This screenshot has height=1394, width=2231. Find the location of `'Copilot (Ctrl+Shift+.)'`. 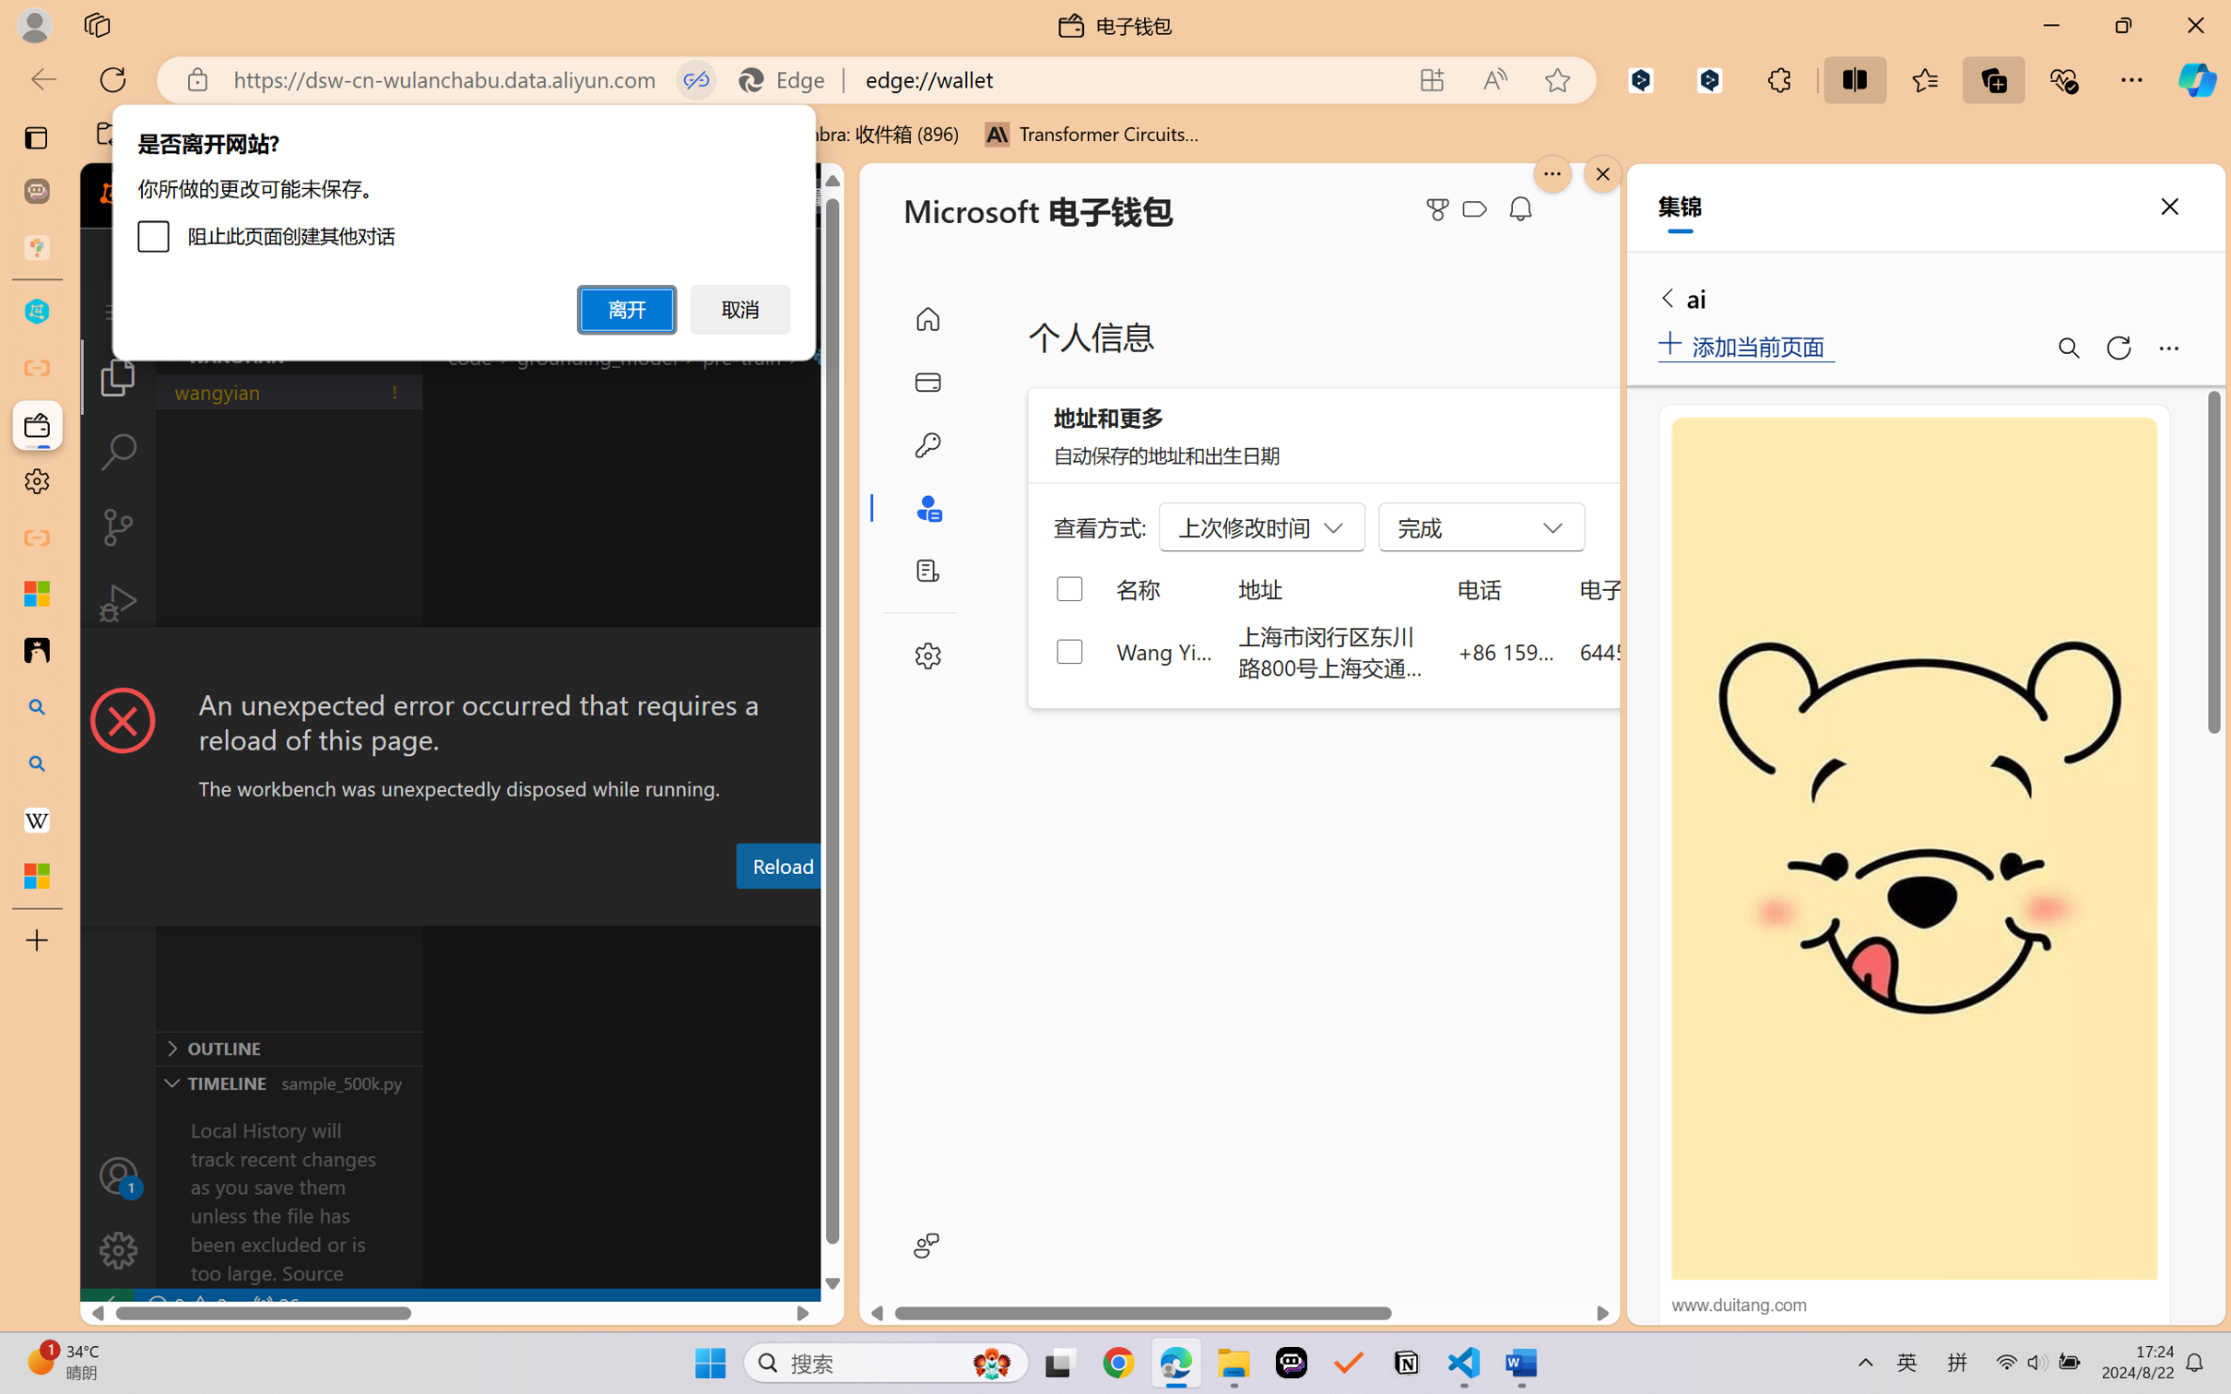

'Copilot (Ctrl+Shift+.)' is located at coordinates (2197, 79).